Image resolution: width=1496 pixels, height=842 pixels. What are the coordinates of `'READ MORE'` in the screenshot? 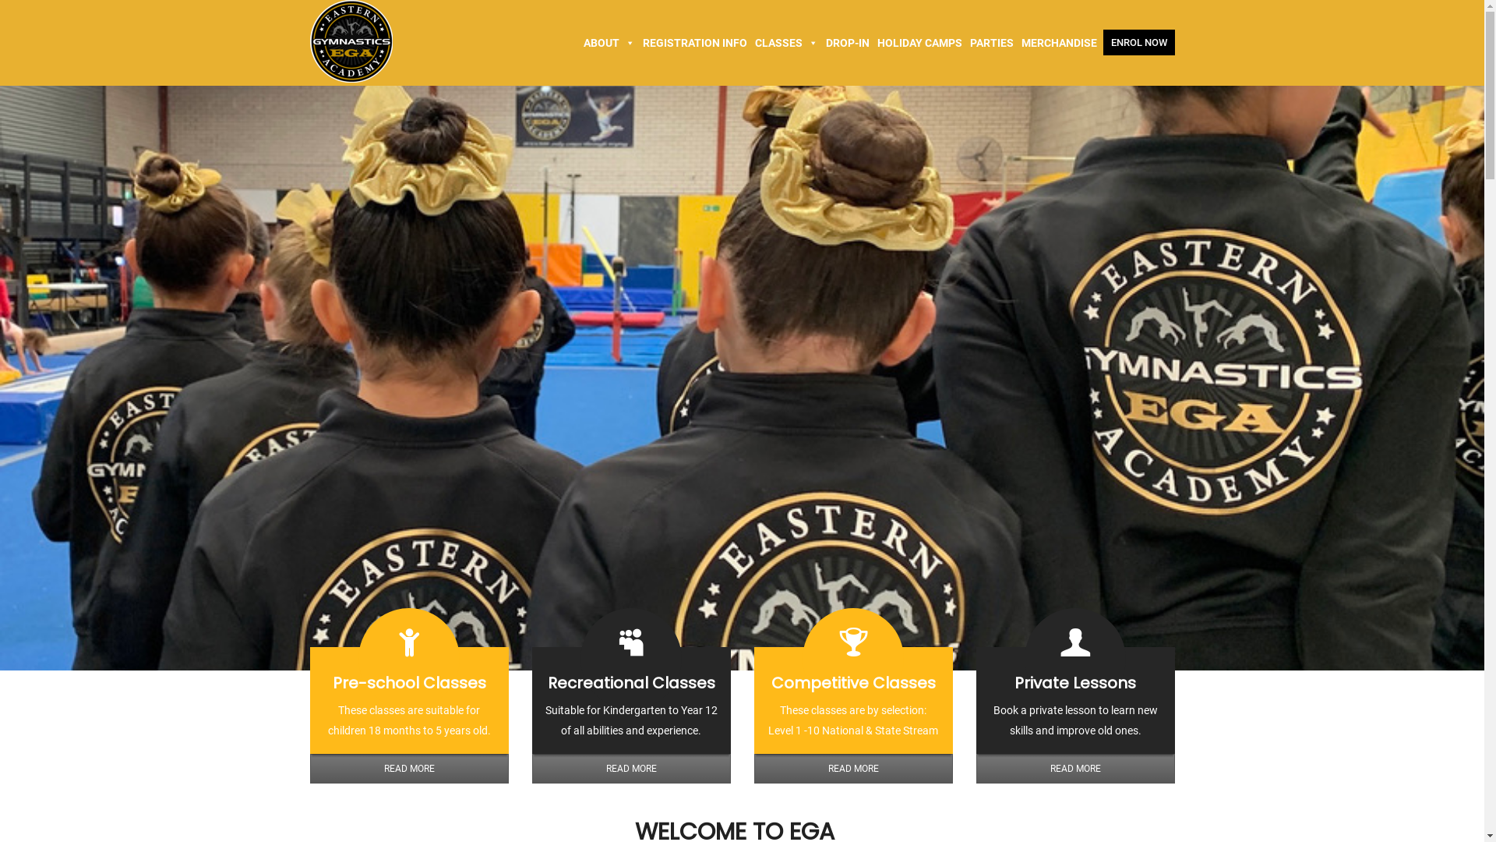 It's located at (409, 768).